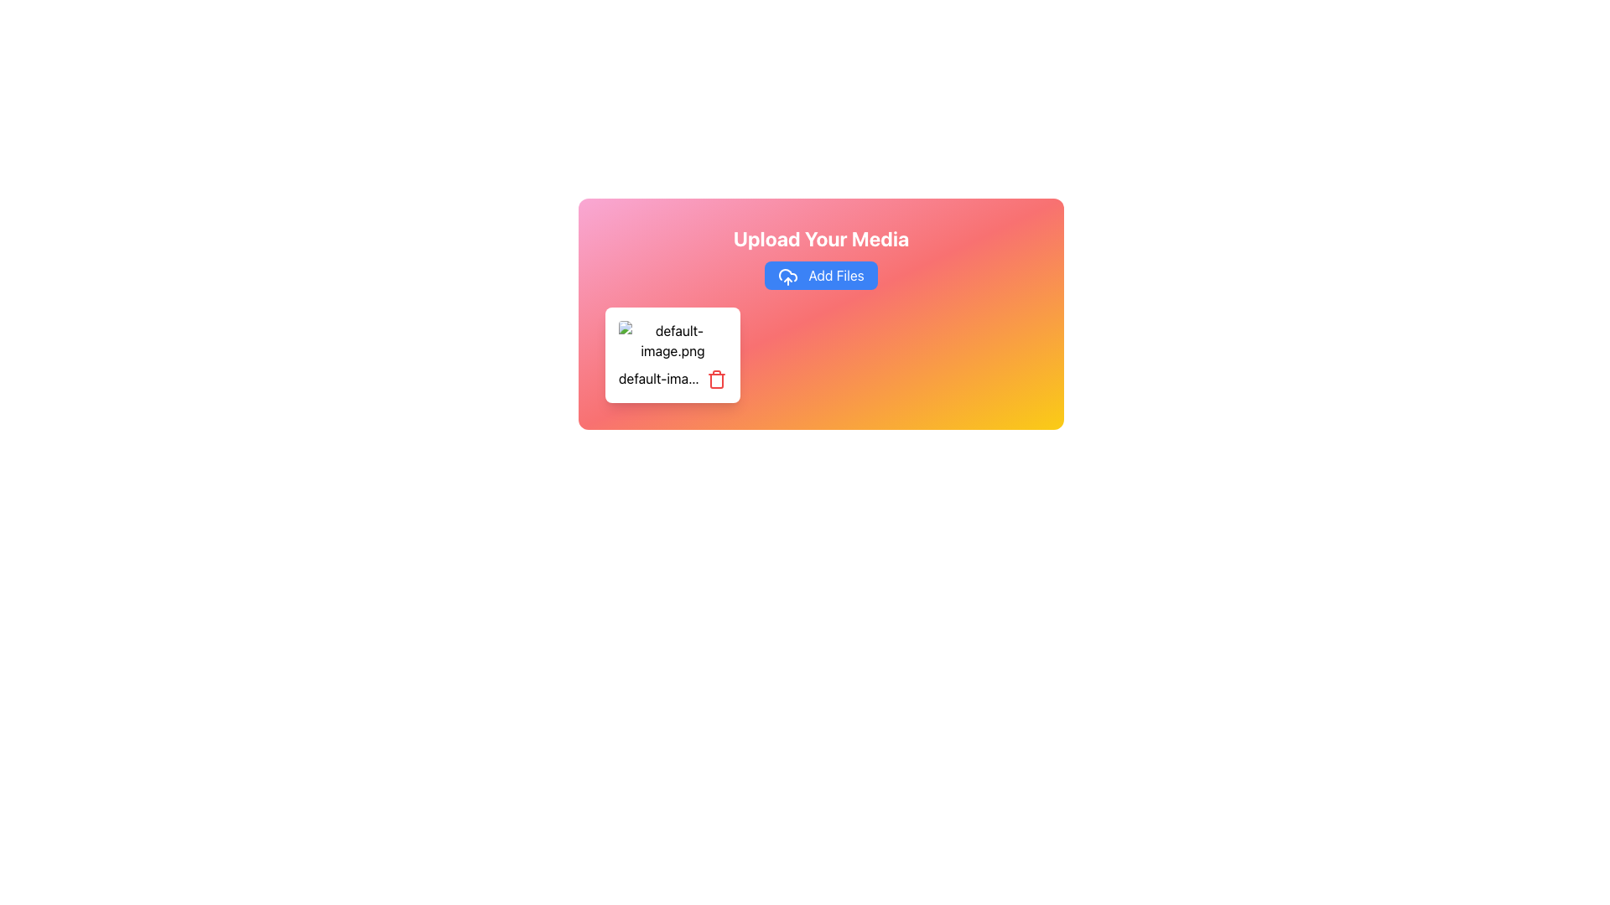 The width and height of the screenshot is (1610, 905). Describe the element at coordinates (787, 276) in the screenshot. I see `the 'Add Files' button which contains the upload icon on its left side, located at the center of the gradient background` at that location.